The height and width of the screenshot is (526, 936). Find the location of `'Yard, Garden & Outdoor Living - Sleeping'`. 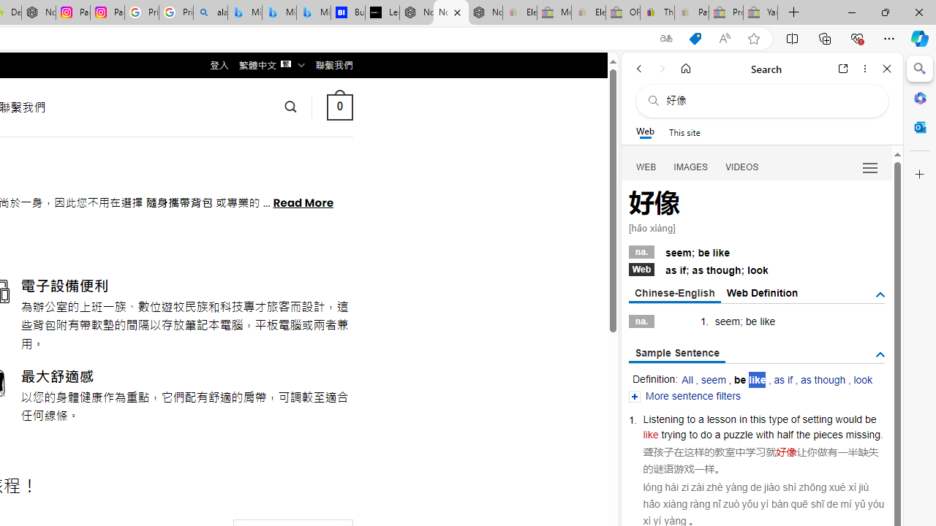

'Yard, Garden & Outdoor Living - Sleeping' is located at coordinates (760, 12).